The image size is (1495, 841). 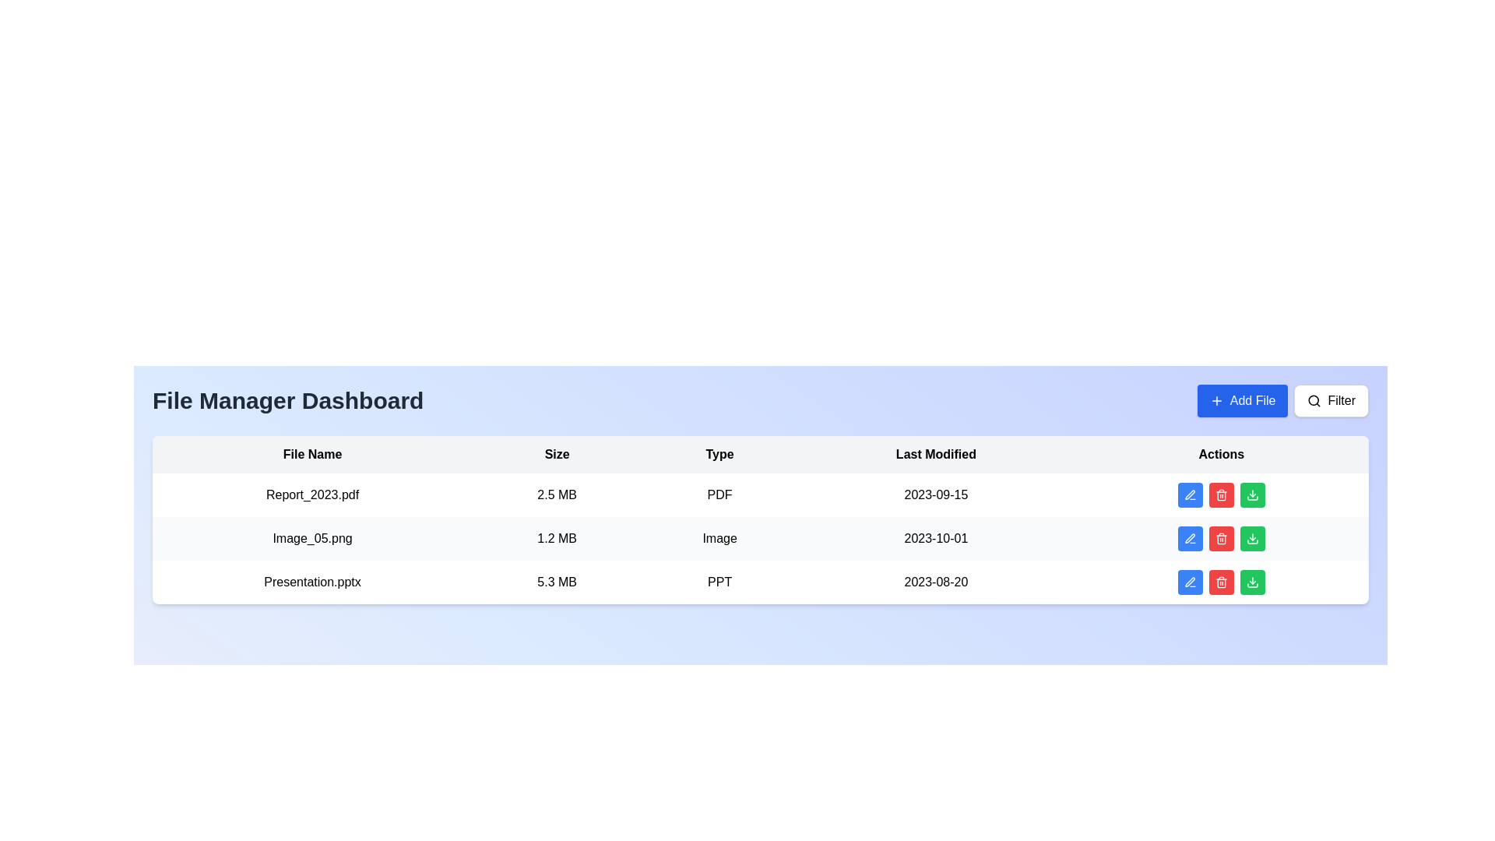 What do you see at coordinates (311, 582) in the screenshot?
I see `the text label displaying 'Presentation.pptx' in the 'File Name' column of the third row in the 'File Manager Dashboard' to copy its name` at bounding box center [311, 582].